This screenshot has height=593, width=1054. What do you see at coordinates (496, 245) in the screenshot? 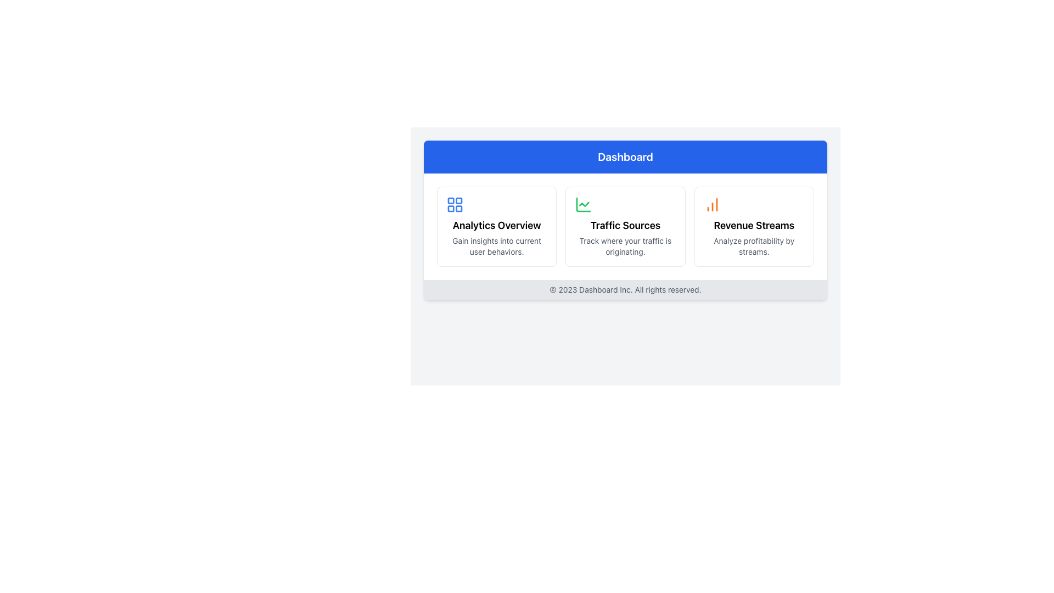
I see `descriptive subtitle text located in the lower section of the 'Analytics Overview' card, which is positioned underneath the 'Dashboard' header in the first column of a three-column layout` at bounding box center [496, 245].